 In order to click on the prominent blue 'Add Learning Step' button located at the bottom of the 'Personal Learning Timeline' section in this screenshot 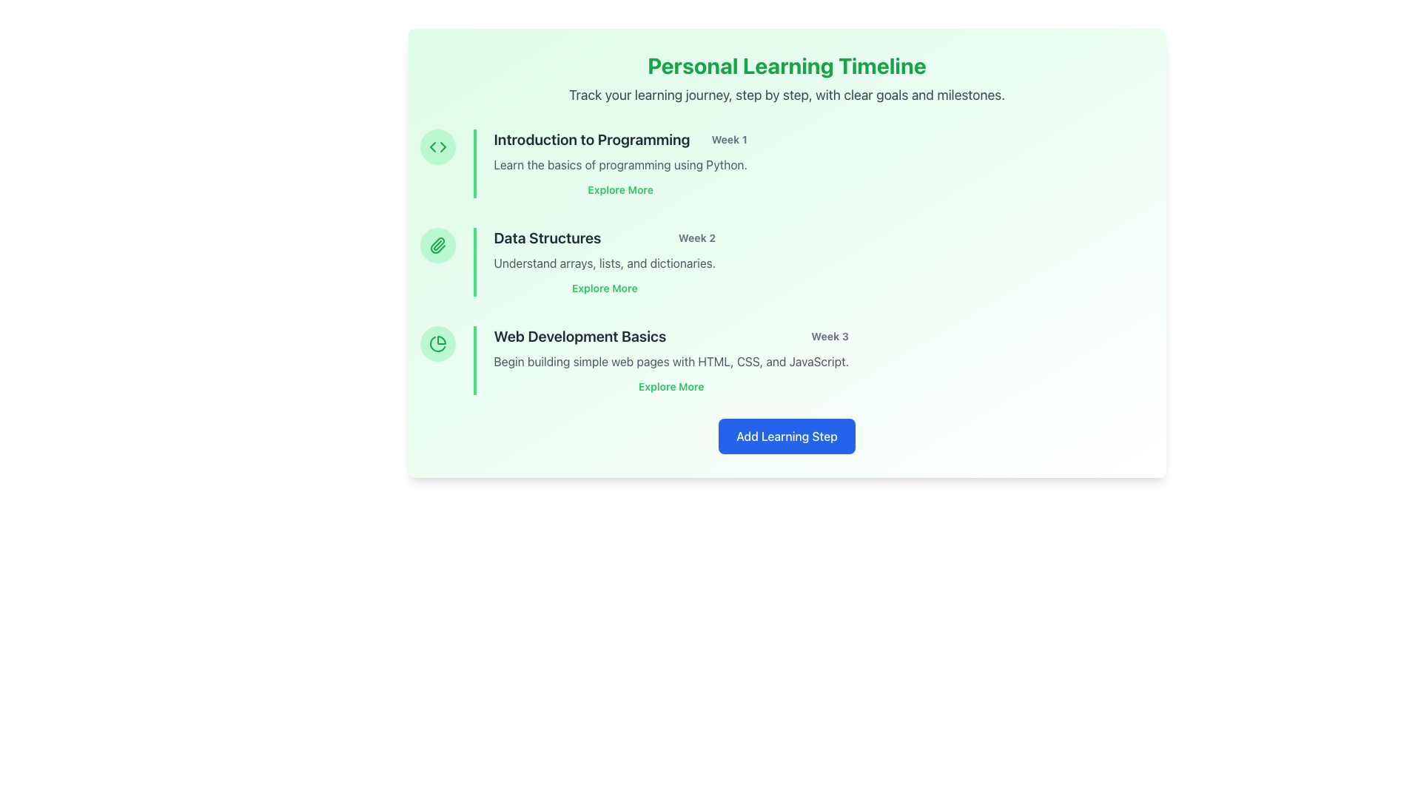, I will do `click(786, 436)`.